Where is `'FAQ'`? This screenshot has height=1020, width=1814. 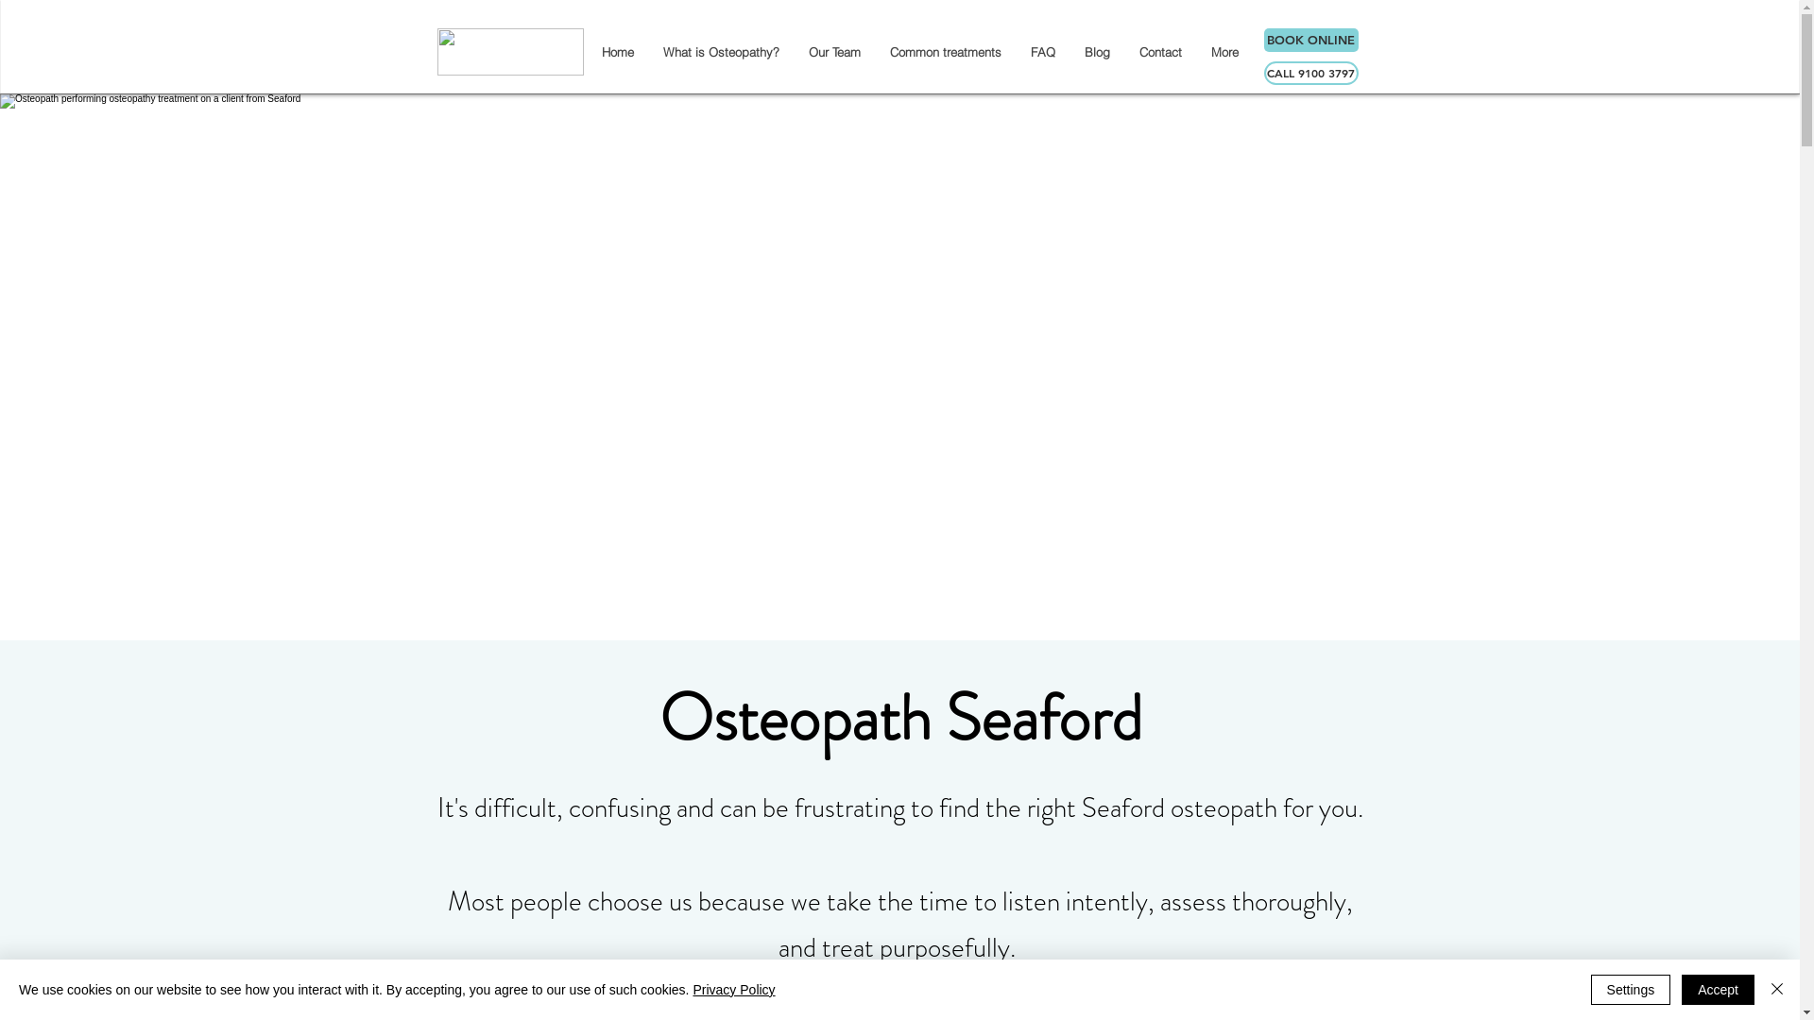
'FAQ' is located at coordinates (1040, 50).